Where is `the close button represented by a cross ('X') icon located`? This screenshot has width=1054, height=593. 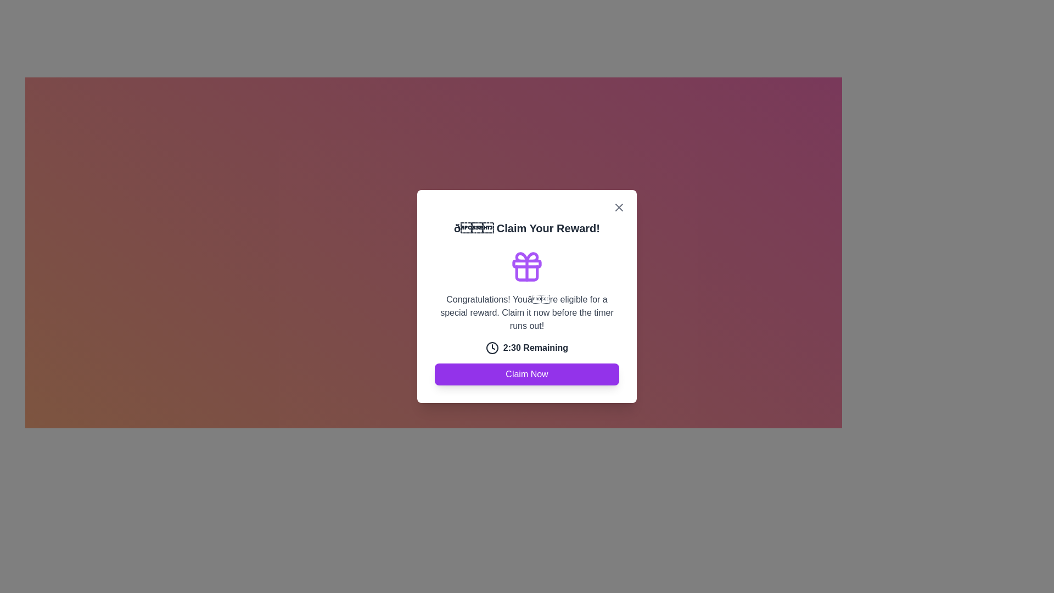
the close button represented by a cross ('X') icon located is located at coordinates (619, 208).